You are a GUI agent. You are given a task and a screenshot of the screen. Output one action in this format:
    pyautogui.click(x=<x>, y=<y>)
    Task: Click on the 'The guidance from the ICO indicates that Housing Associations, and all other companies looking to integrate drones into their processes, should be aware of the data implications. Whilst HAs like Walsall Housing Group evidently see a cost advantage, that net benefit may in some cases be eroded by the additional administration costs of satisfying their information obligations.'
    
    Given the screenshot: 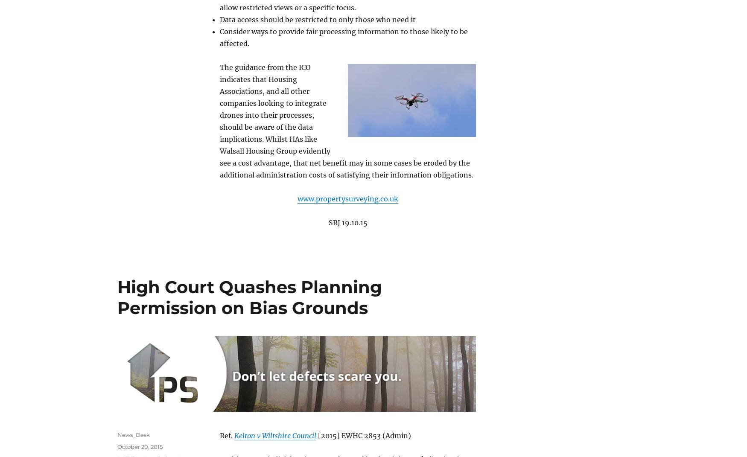 What is the action you would take?
    pyautogui.click(x=219, y=120)
    